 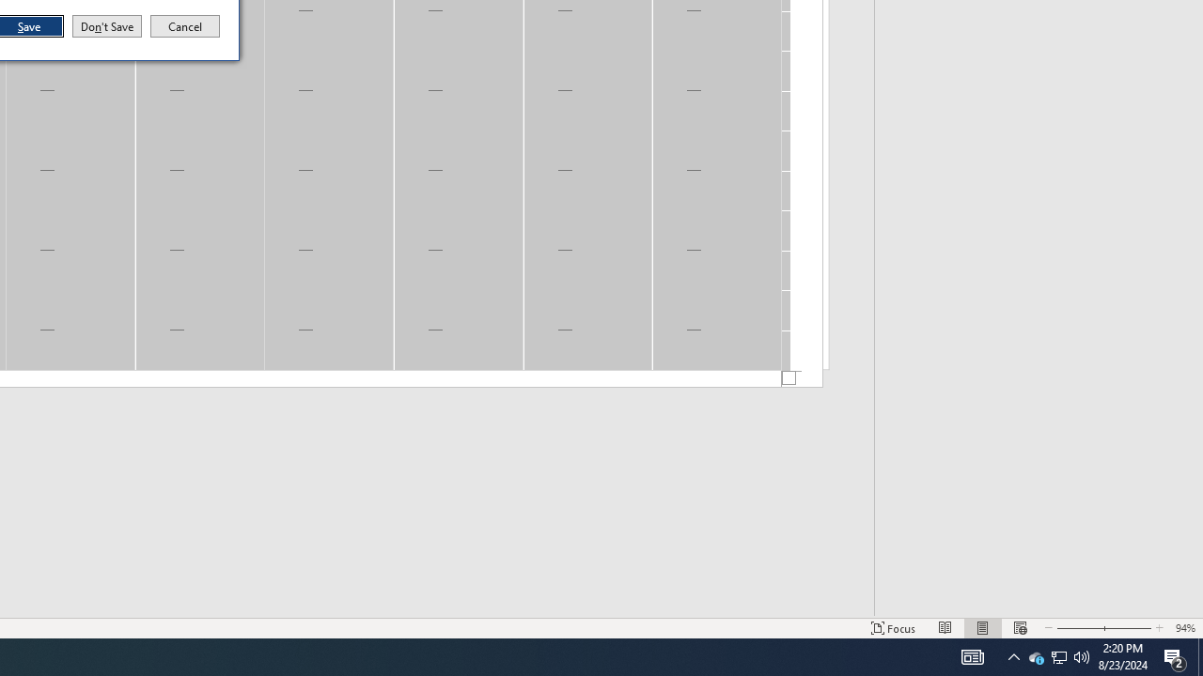 I want to click on 'Q2790: 100%', so click(x=1082, y=655).